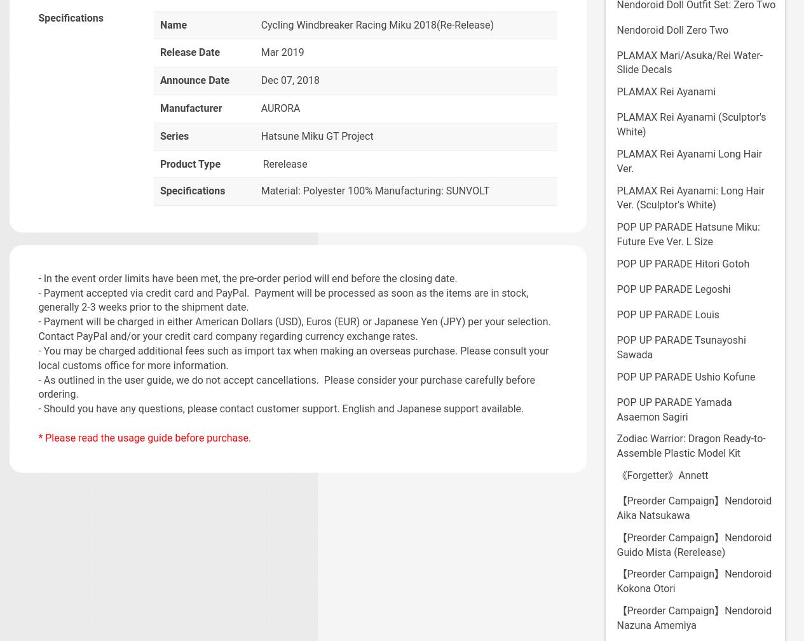  What do you see at coordinates (693, 508) in the screenshot?
I see `'【Preorder Campaign】Nendoroid Aika Natsukawa'` at bounding box center [693, 508].